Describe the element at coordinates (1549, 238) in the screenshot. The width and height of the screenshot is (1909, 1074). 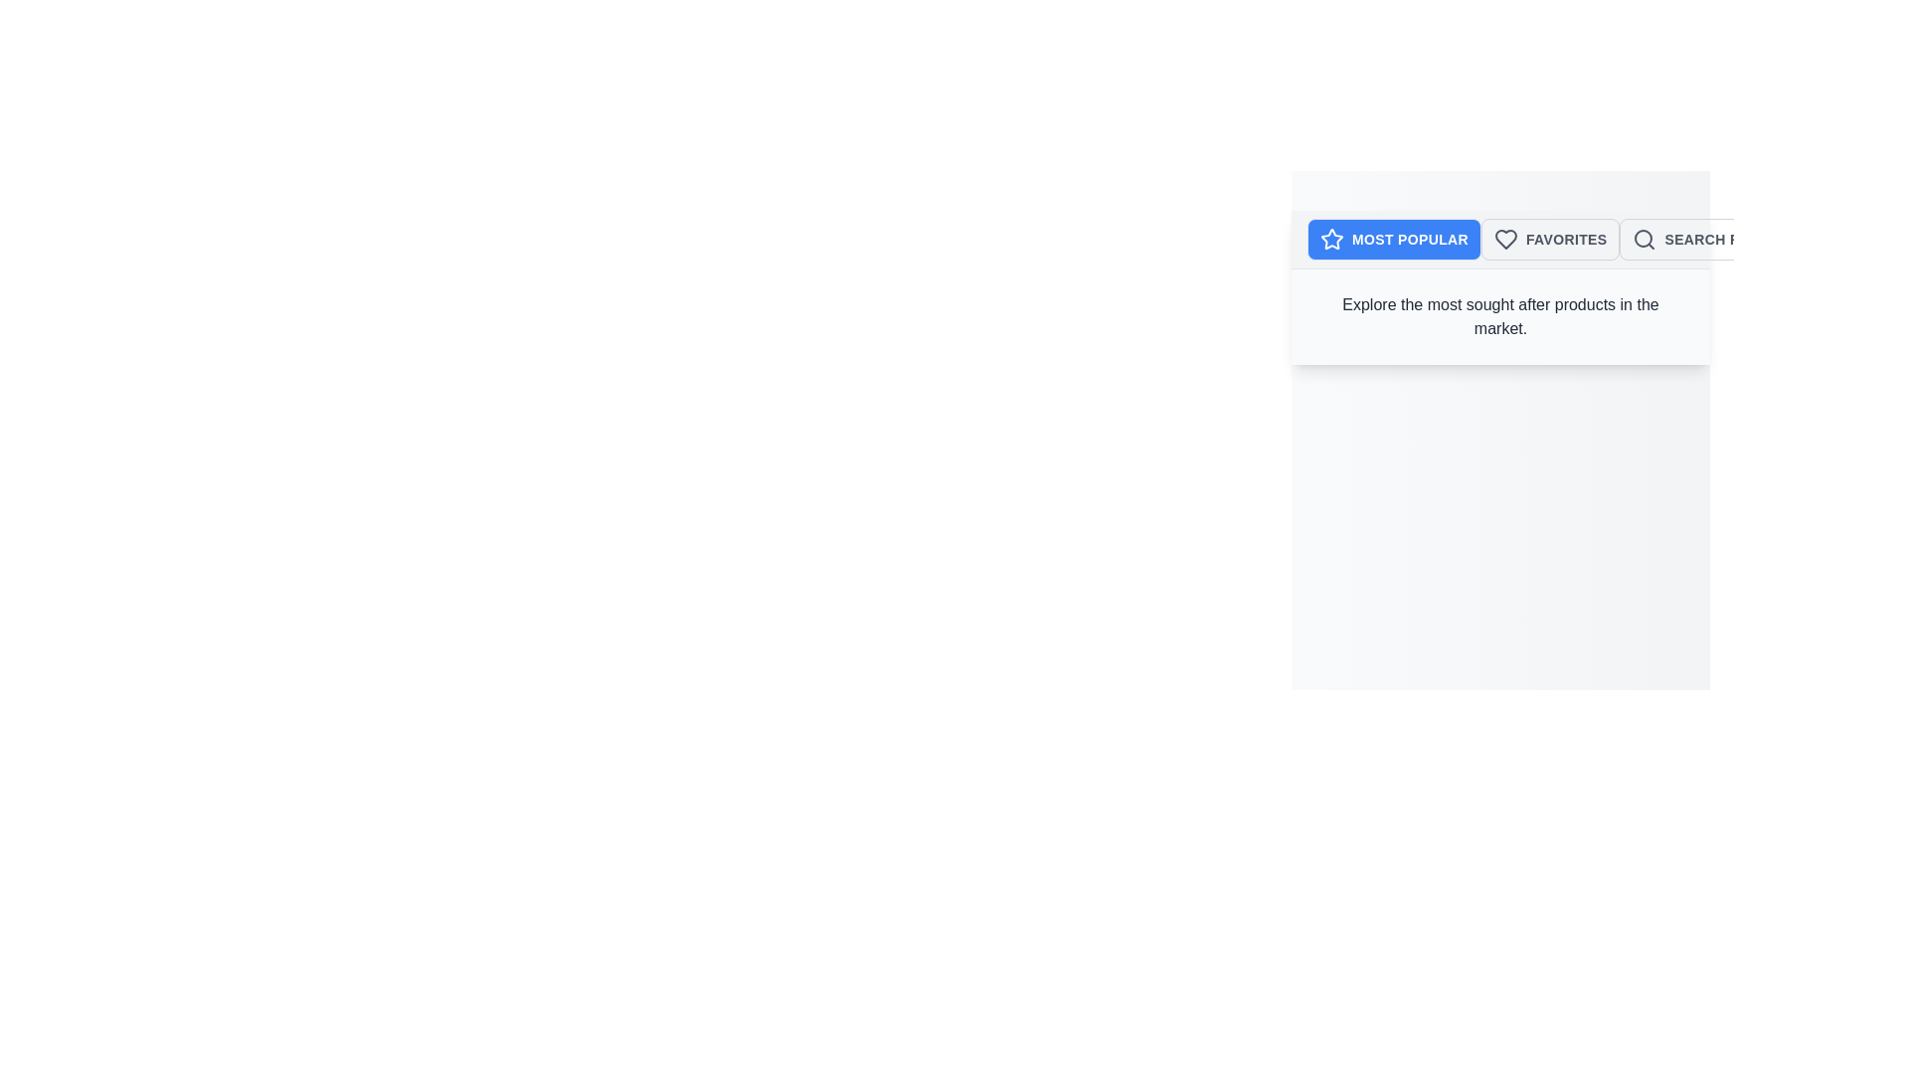
I see `the Favorites tab to explore the corresponding category` at that location.